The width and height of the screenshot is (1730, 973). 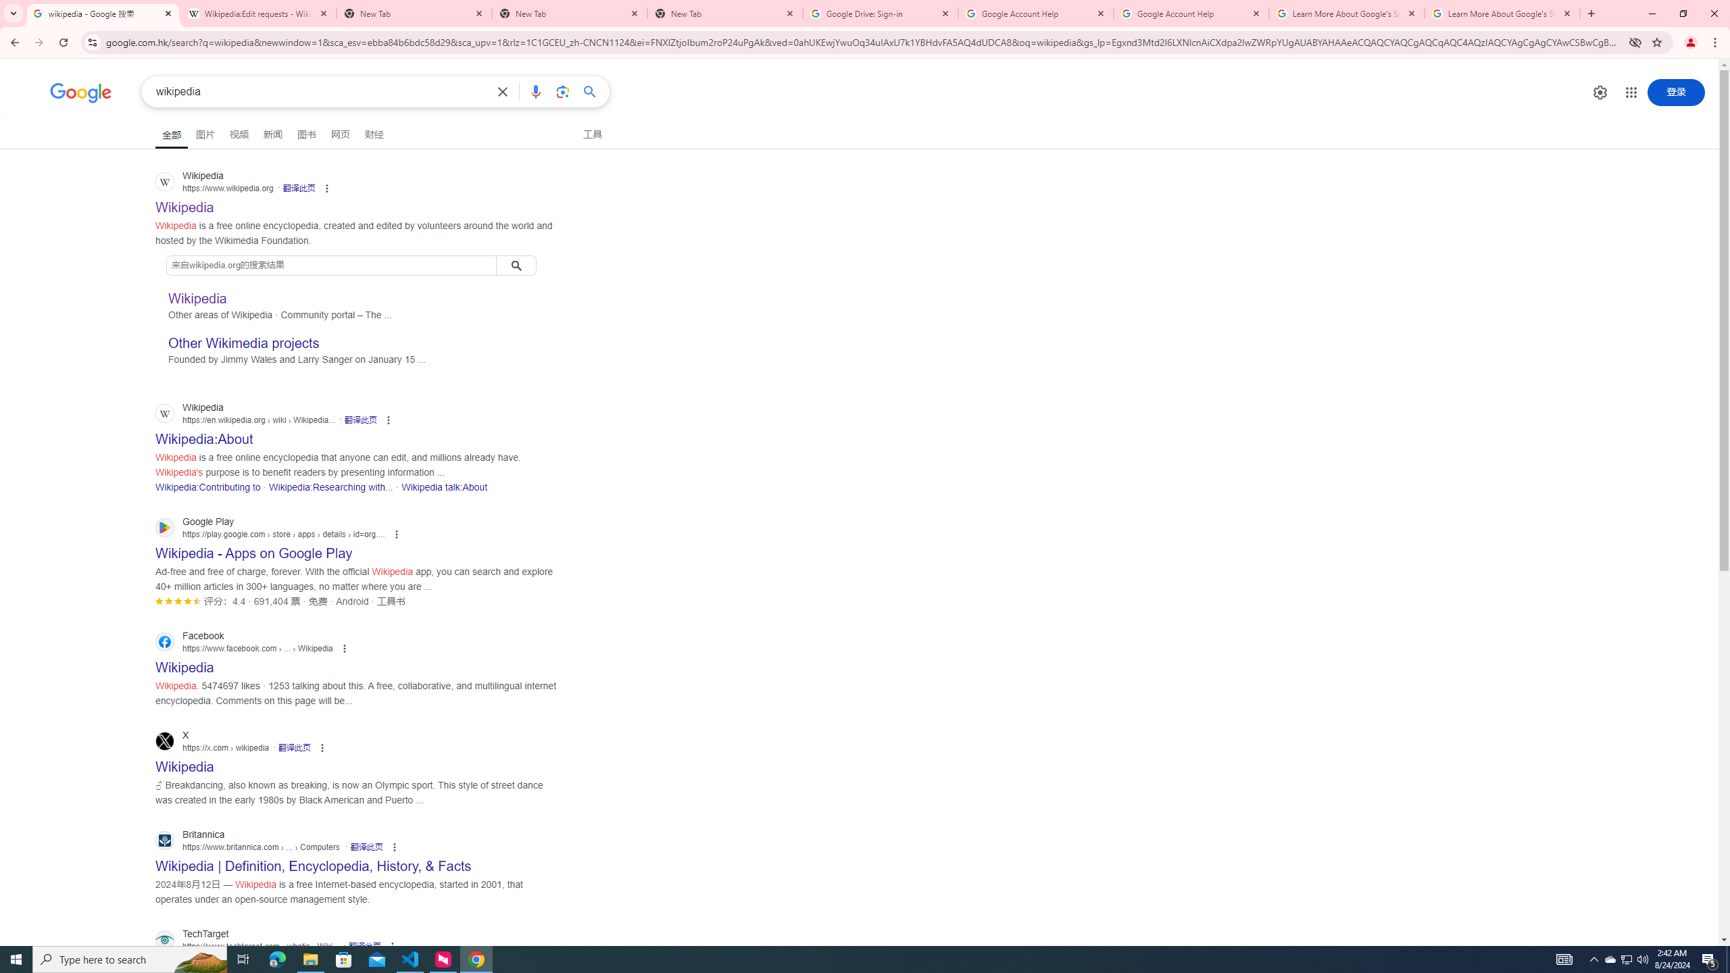 I want to click on ' Wikipedia Wikipedia https://www.wikipedia.org', so click(x=184, y=203).